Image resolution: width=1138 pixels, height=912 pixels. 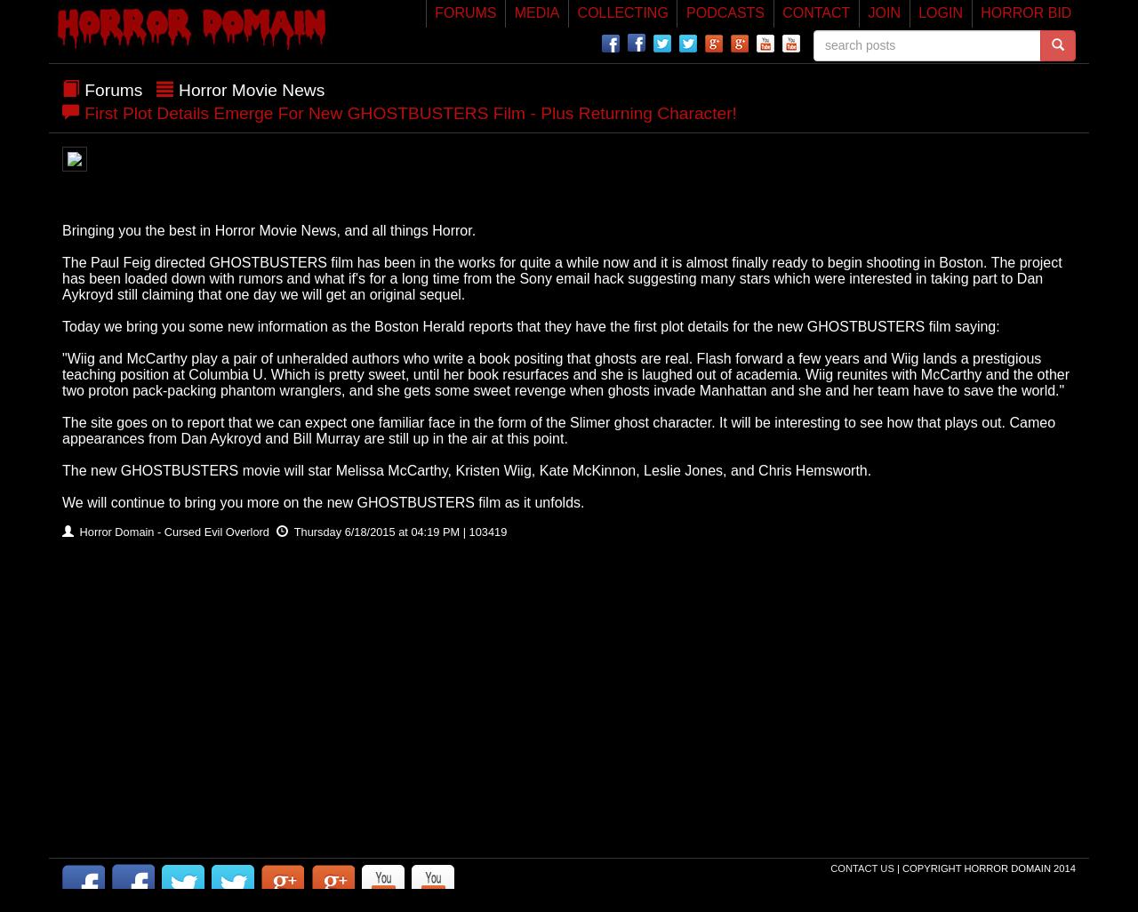 I want to click on 'Thursday 6/18/2015 at 04:19 PM | 103419', so click(x=397, y=530).